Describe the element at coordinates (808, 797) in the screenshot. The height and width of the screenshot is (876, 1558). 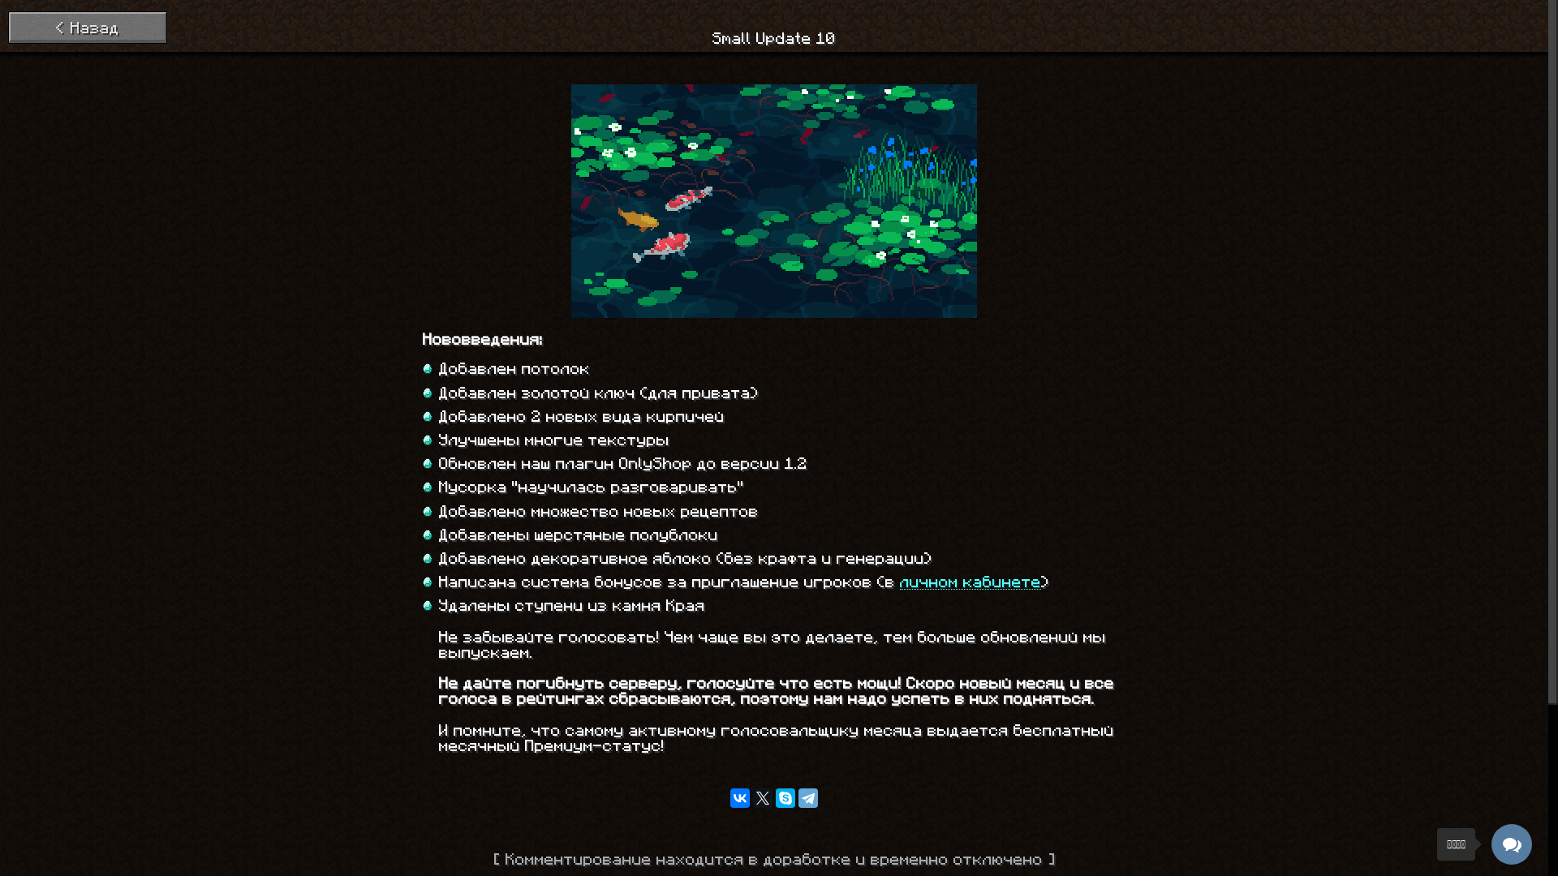
I see `'Telegram'` at that location.